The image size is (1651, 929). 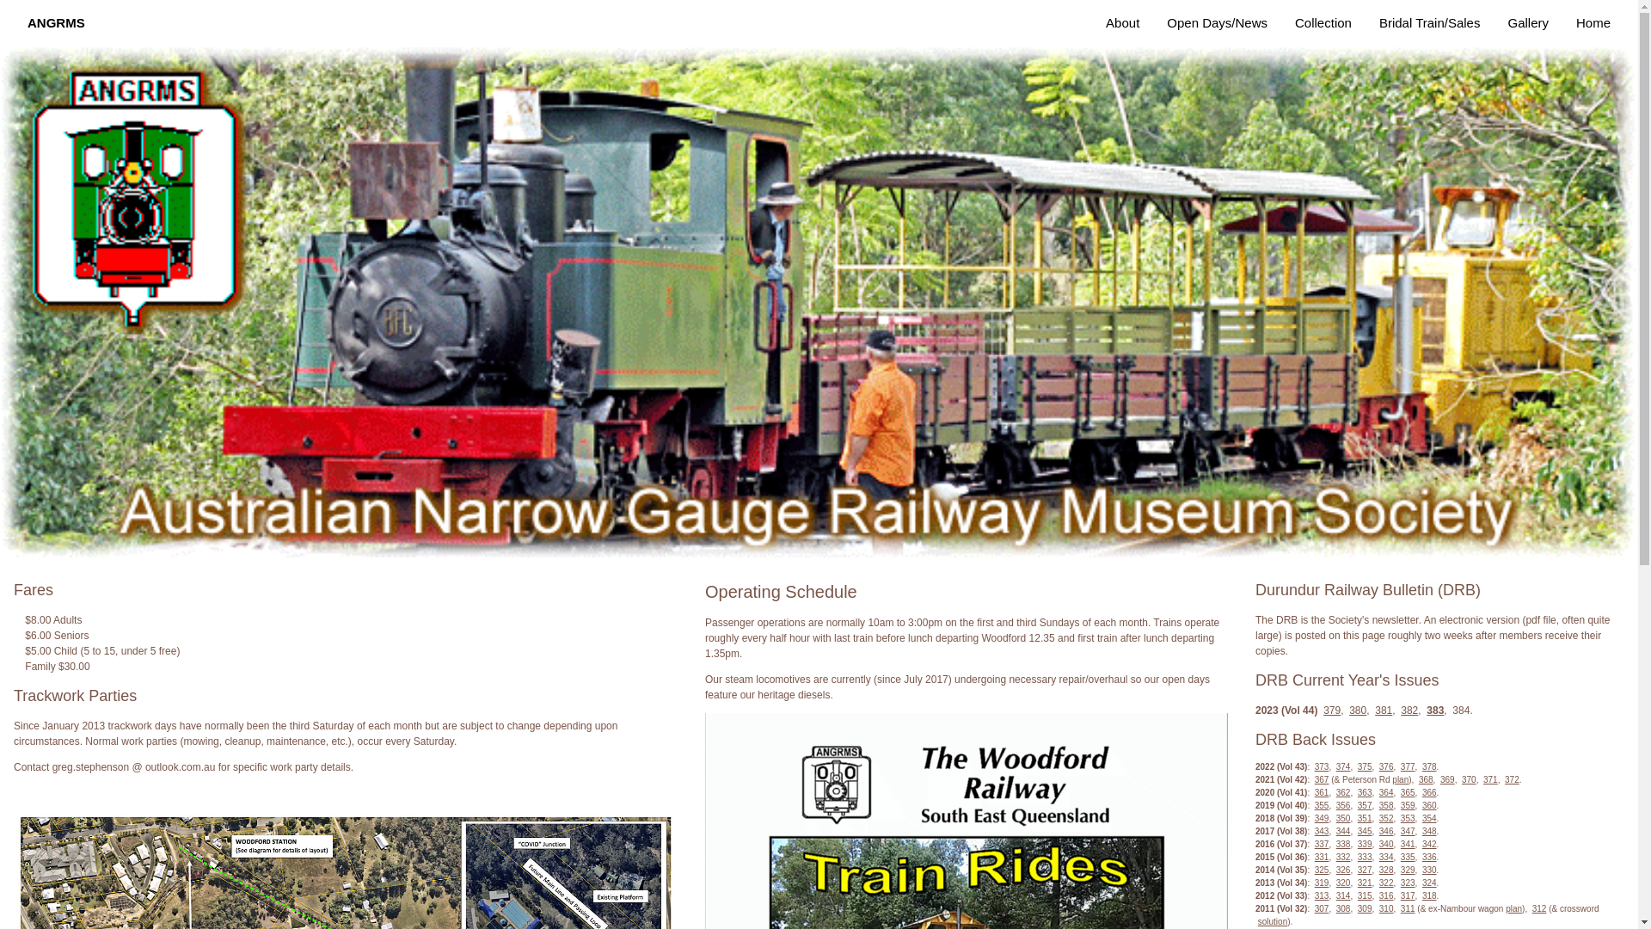 What do you see at coordinates (1364, 843) in the screenshot?
I see `'339'` at bounding box center [1364, 843].